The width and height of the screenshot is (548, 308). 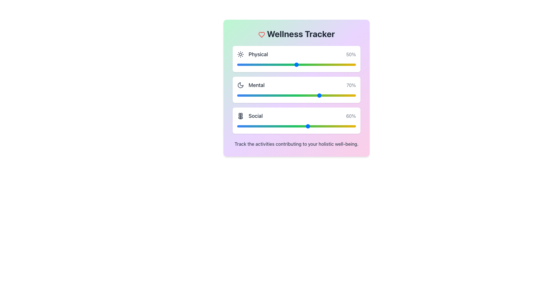 I want to click on the social well-being percentage, so click(x=239, y=126).